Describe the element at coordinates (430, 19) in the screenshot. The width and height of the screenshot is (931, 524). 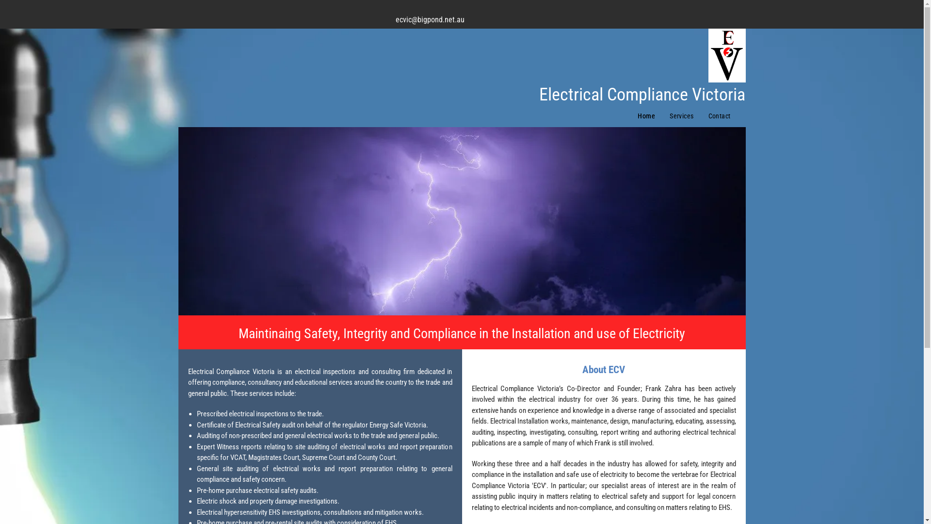
I see `'ecvic@bigpond.net.au'` at that location.